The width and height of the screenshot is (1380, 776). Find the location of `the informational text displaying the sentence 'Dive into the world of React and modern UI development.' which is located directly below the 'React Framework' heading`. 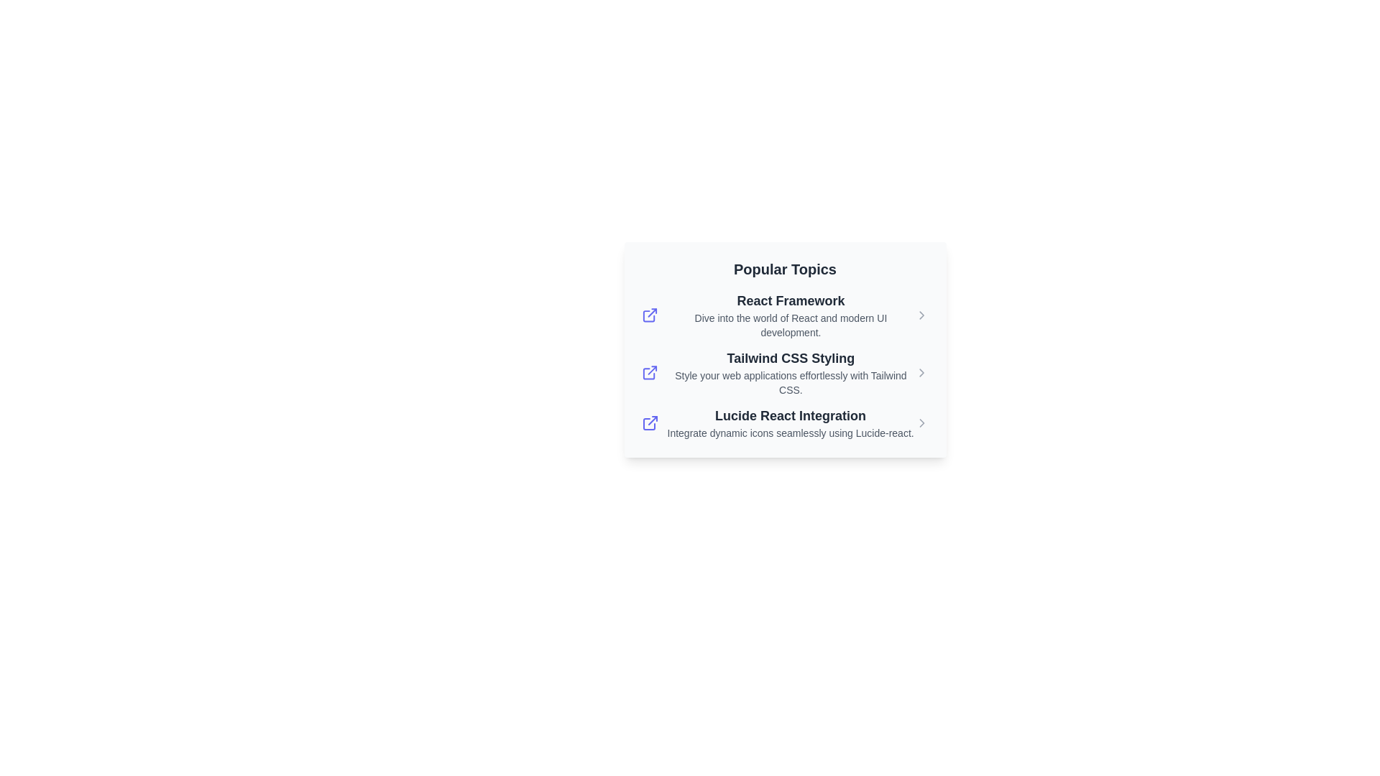

the informational text displaying the sentence 'Dive into the world of React and modern UI development.' which is located directly below the 'React Framework' heading is located at coordinates (790, 325).